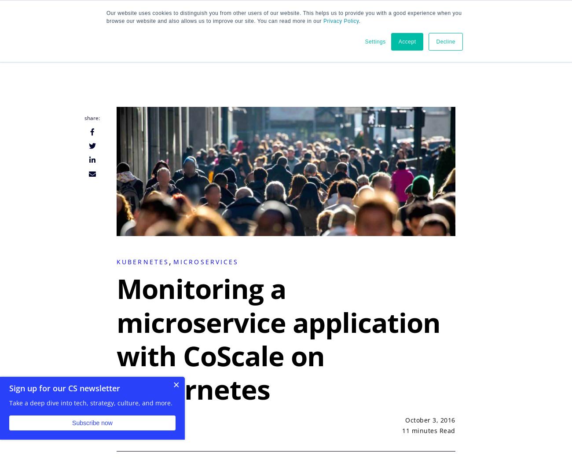  I want to click on 'and', so click(279, 9).